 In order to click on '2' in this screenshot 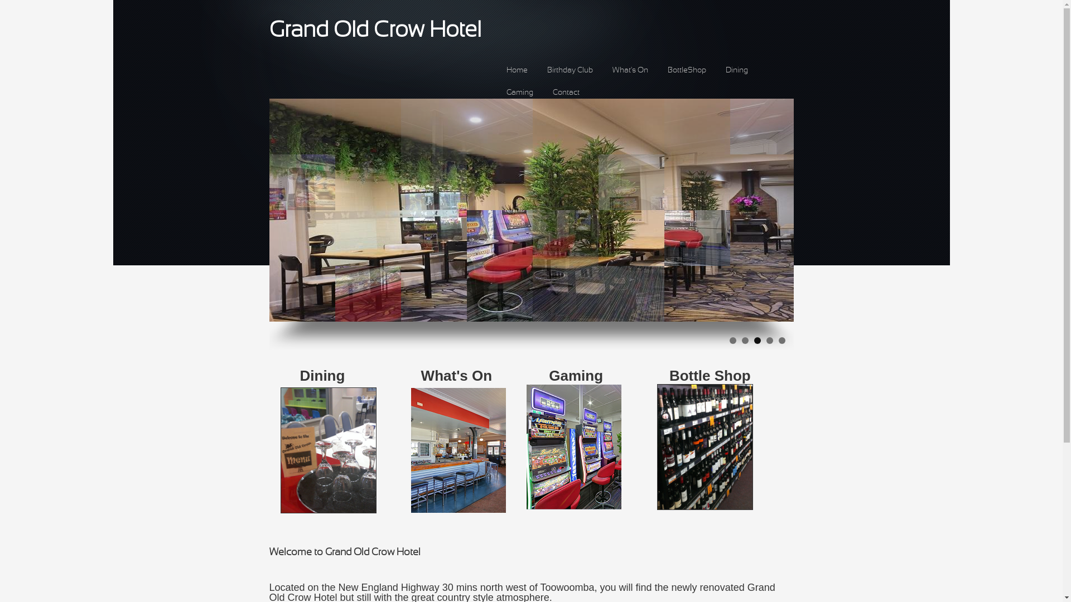, I will do `click(745, 339)`.